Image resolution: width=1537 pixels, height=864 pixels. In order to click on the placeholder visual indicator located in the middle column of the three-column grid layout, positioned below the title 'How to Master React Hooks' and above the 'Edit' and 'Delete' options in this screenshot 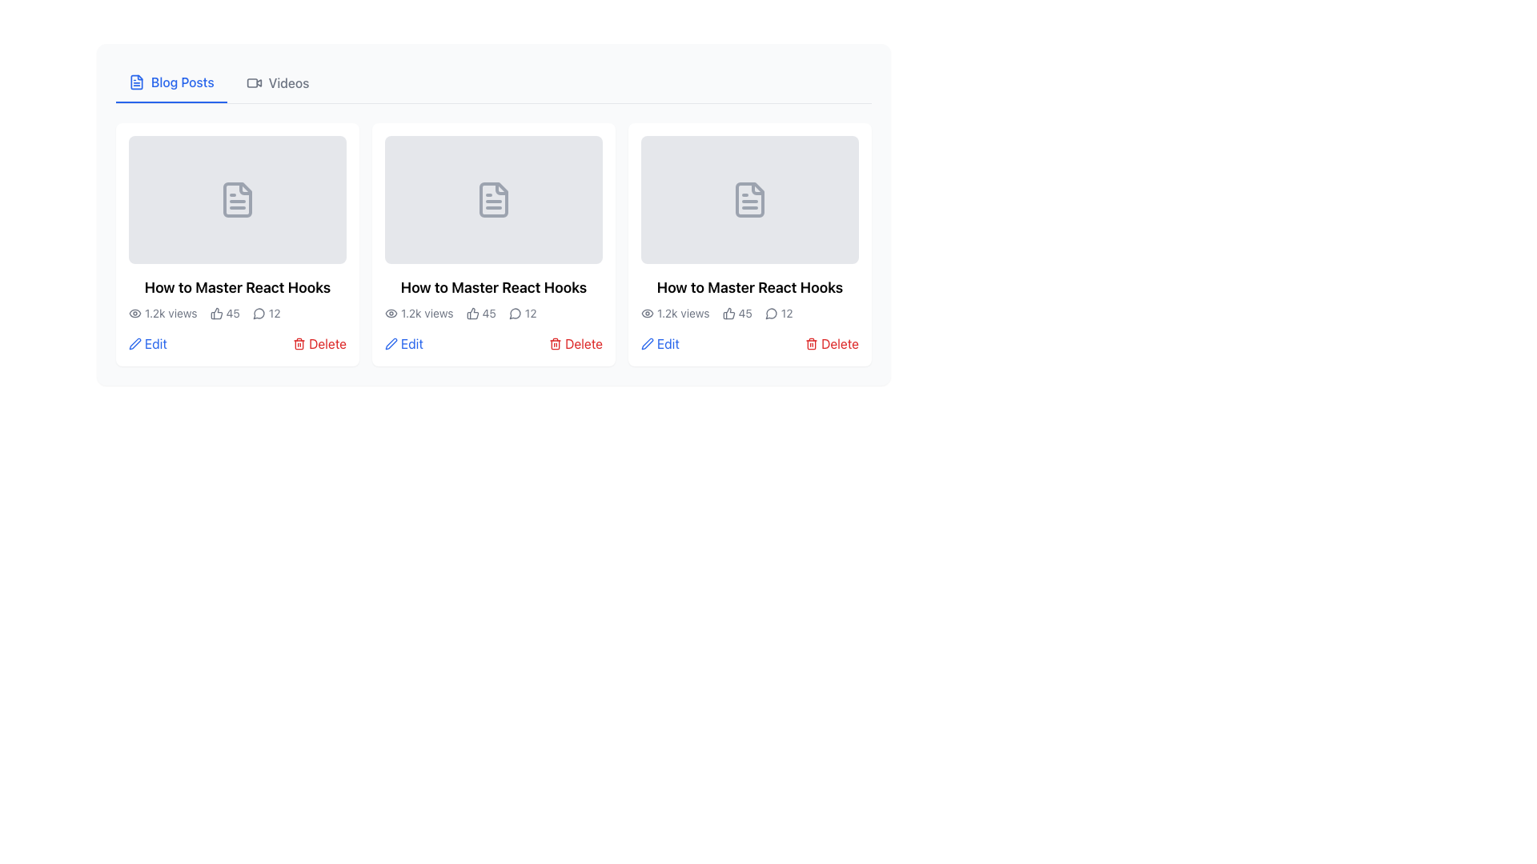, I will do `click(493, 199)`.